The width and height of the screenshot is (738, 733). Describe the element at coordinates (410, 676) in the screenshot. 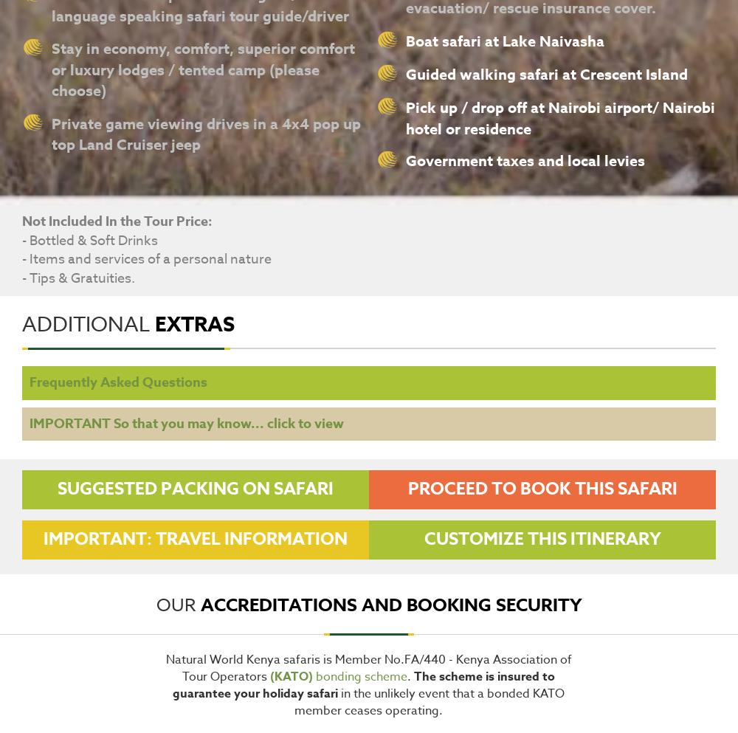

I see `'.'` at that location.